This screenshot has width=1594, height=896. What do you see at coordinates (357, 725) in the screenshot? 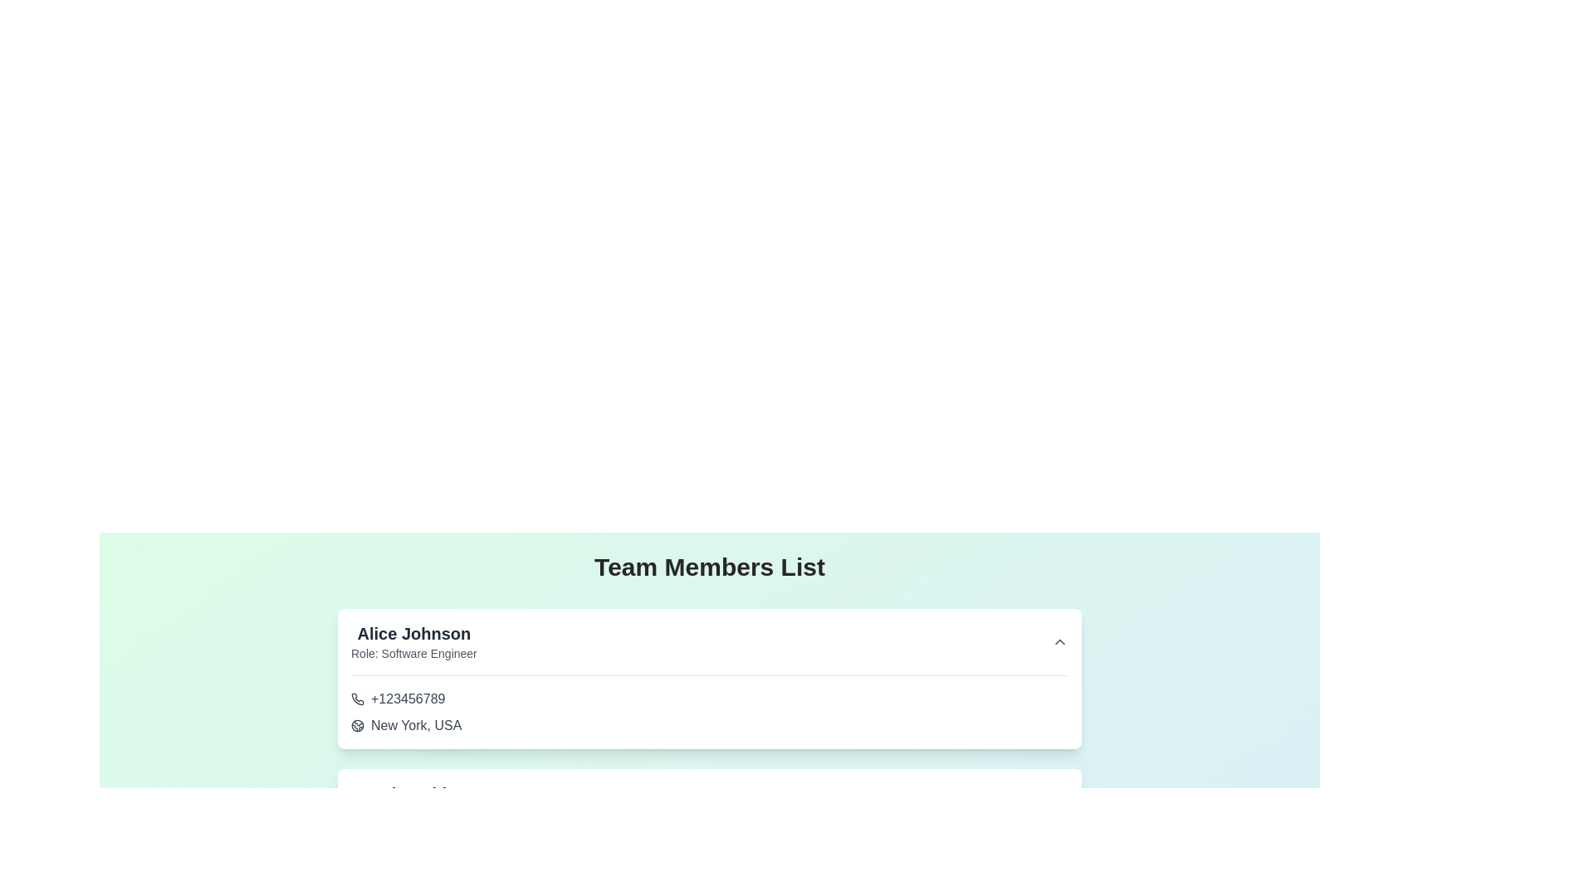
I see `the globe-shaped icon located to the left of the text 'New York, USA'` at bounding box center [357, 725].